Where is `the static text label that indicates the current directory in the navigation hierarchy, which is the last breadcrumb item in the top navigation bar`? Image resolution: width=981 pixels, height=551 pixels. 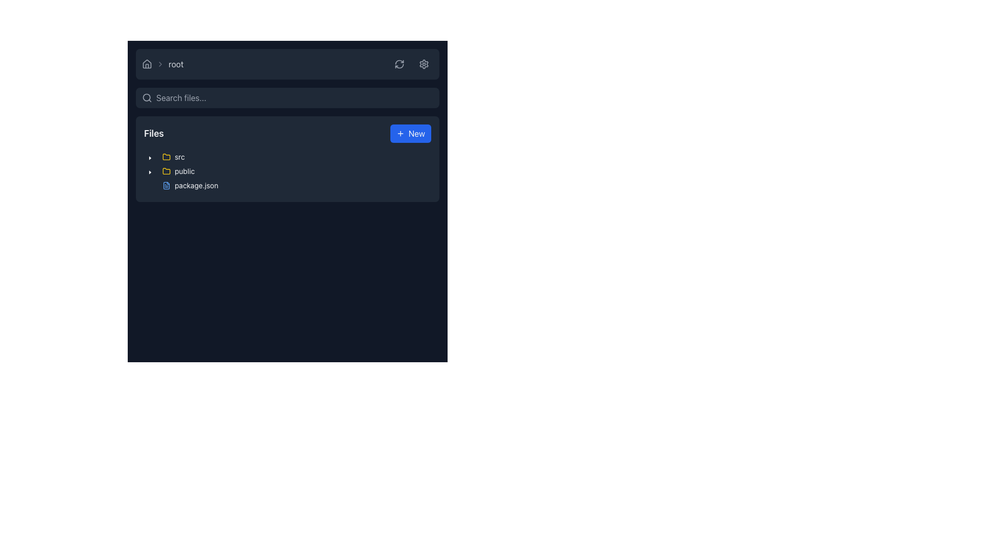
the static text label that indicates the current directory in the navigation hierarchy, which is the last breadcrumb item in the top navigation bar is located at coordinates (176, 64).